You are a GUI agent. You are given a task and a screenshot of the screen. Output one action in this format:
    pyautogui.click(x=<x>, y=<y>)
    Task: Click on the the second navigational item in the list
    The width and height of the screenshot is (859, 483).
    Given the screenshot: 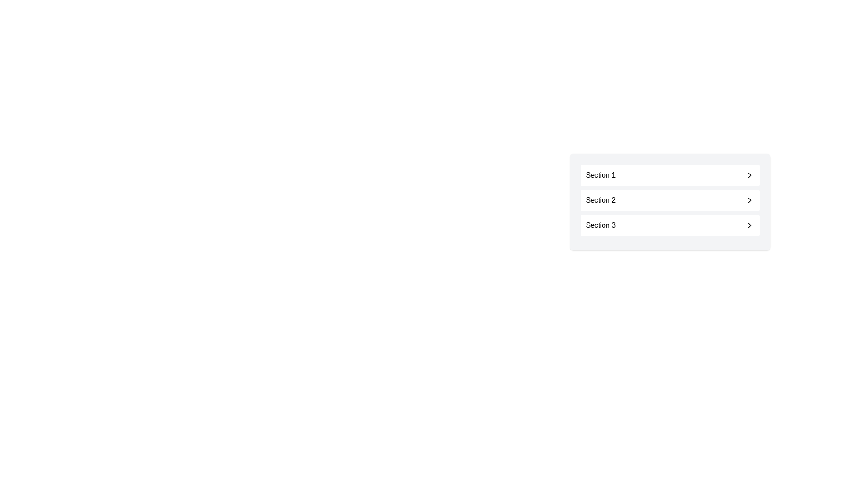 What is the action you would take?
    pyautogui.click(x=670, y=199)
    